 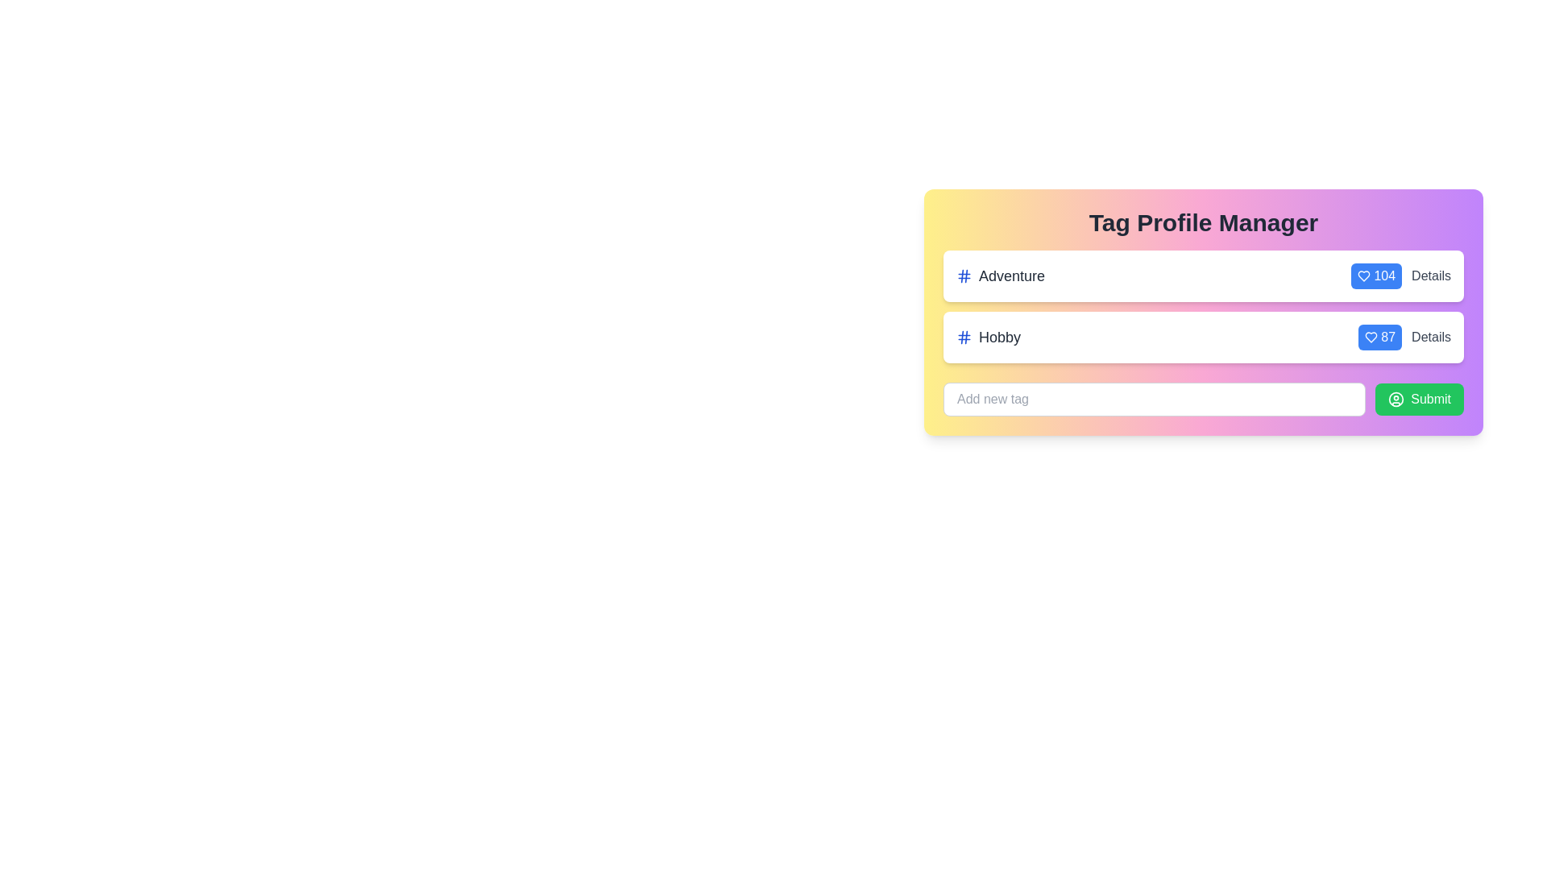 I want to click on the static label for the tag named 'Hobby' located within the 'Tag Profile Manager' section, which visually represents a tag or category label, so click(x=988, y=337).